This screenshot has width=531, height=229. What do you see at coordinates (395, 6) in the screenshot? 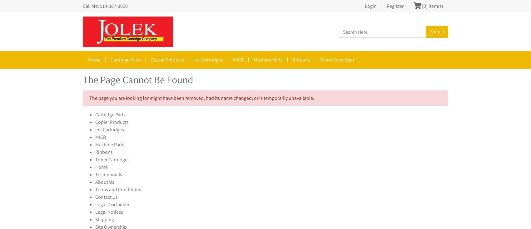
I see `'Register'` at bounding box center [395, 6].